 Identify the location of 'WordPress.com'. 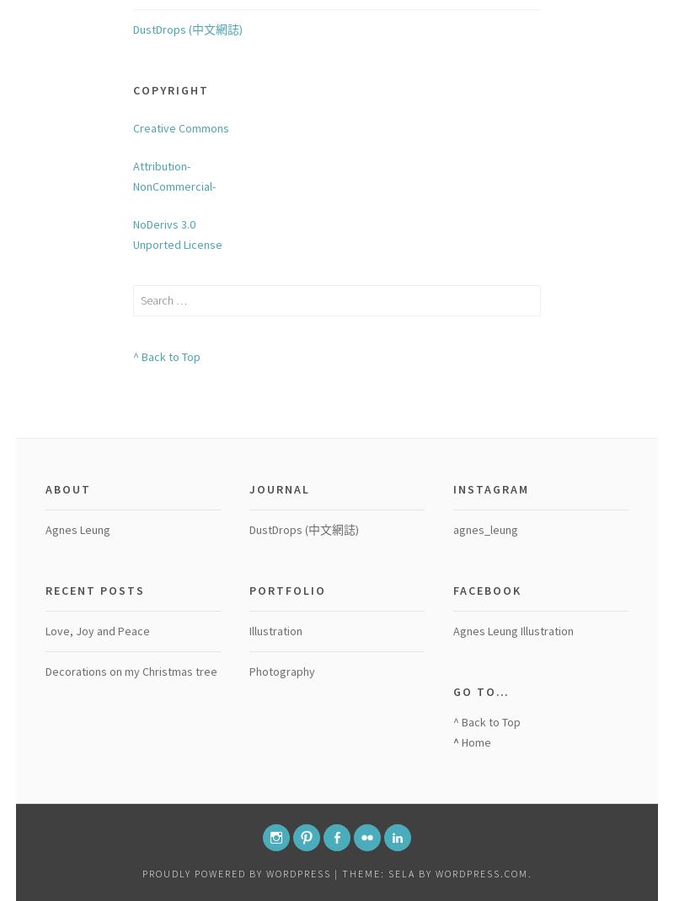
(434, 872).